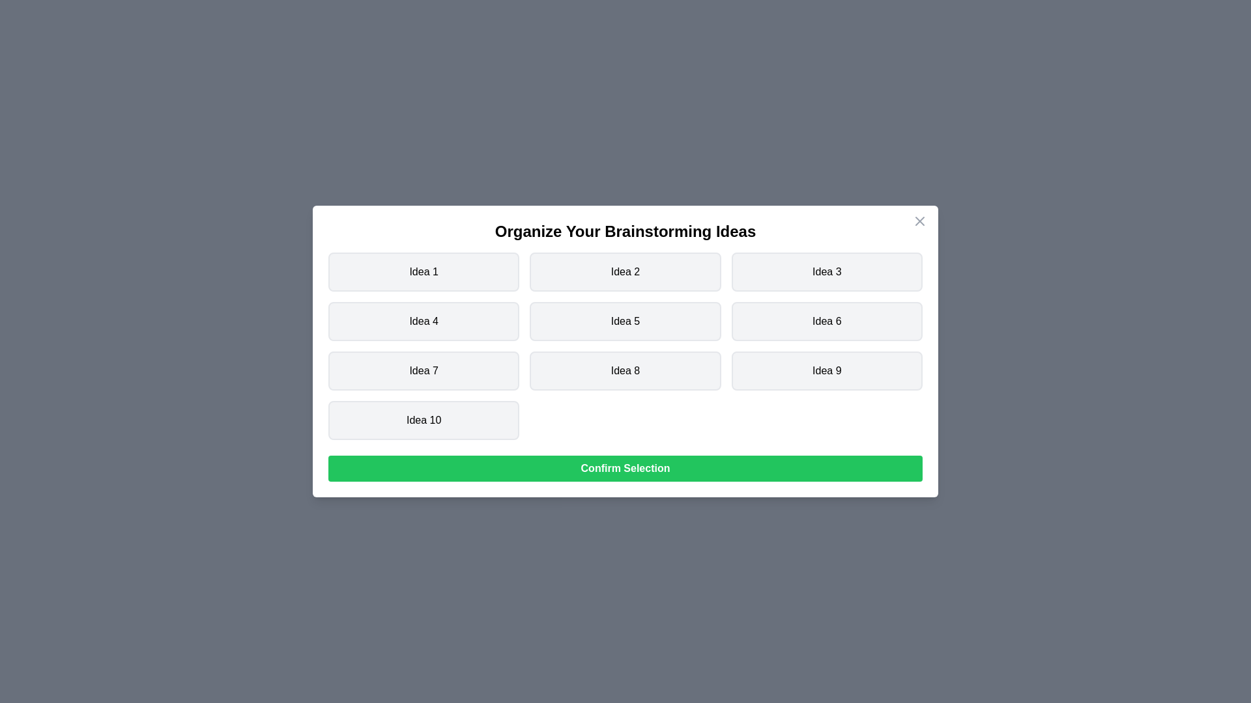 Image resolution: width=1251 pixels, height=703 pixels. I want to click on the close icon to close the dialog, so click(919, 220).